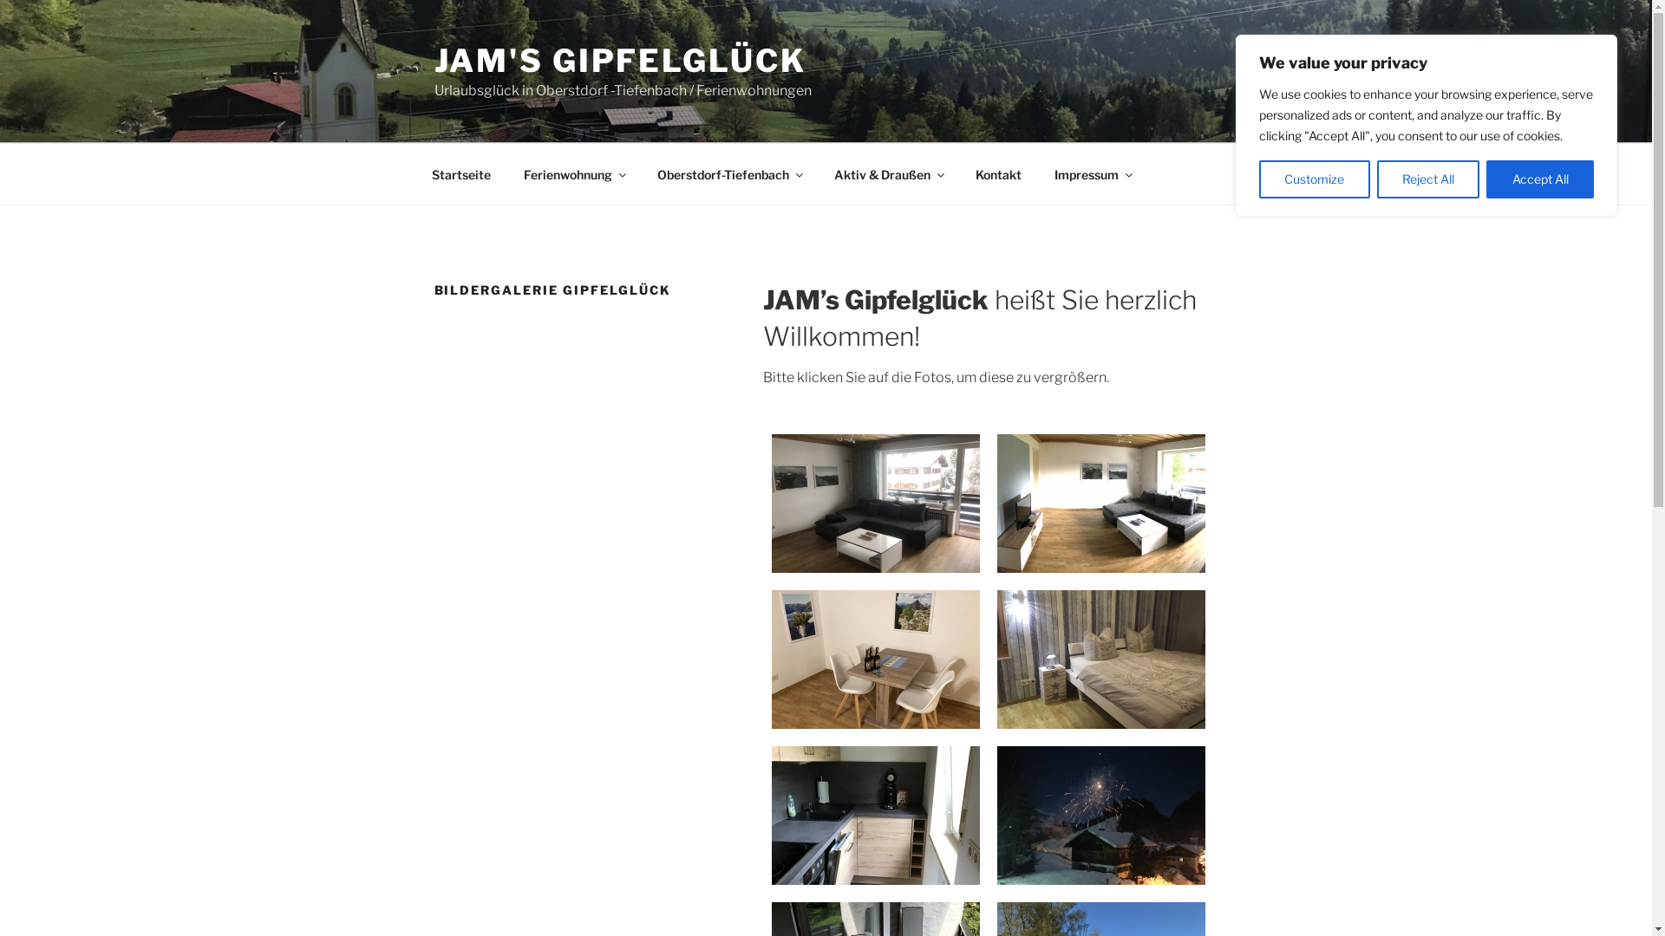  Describe the element at coordinates (999, 173) in the screenshot. I see `'Kontakt'` at that location.